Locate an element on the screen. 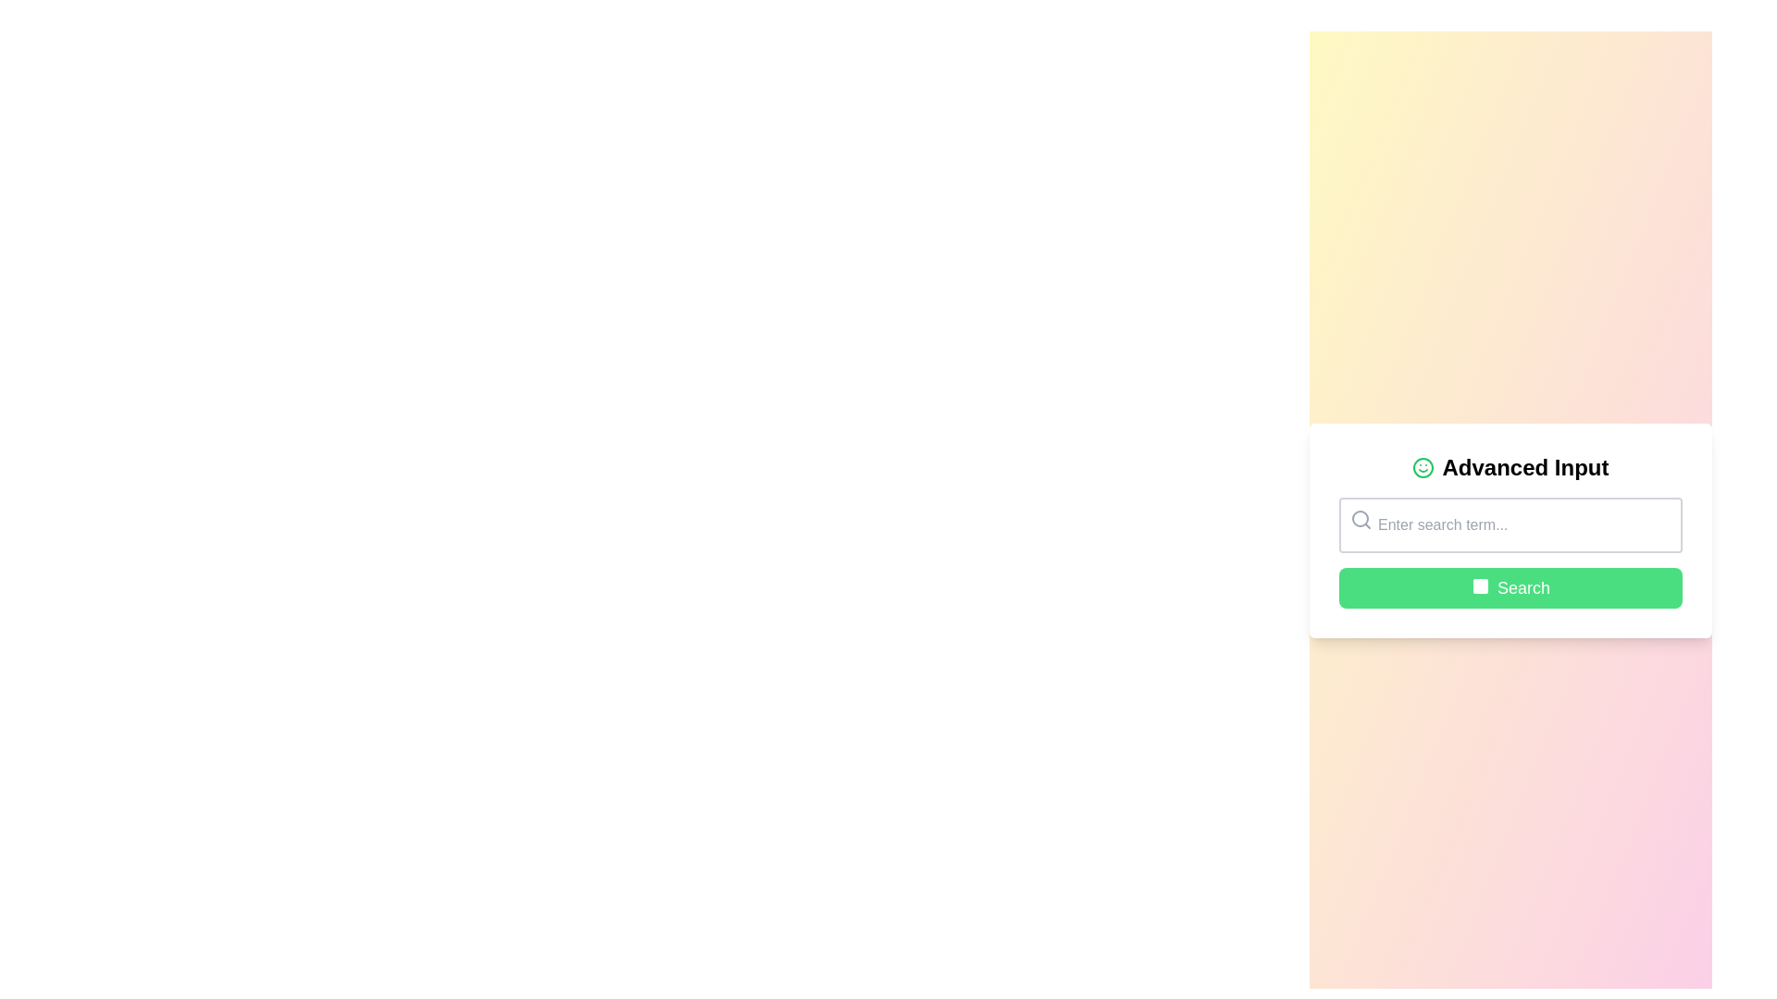  the search button located at the bottom of the 'Advanced Input' card is located at coordinates (1510, 588).